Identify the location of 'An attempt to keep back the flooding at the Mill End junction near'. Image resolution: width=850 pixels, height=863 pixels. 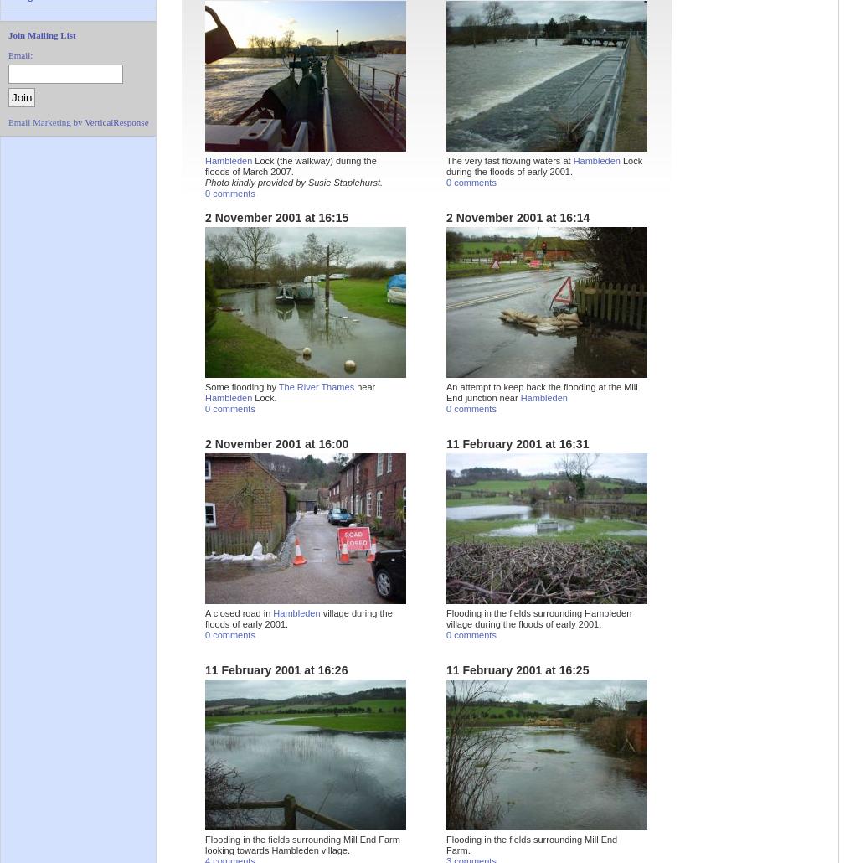
(540, 391).